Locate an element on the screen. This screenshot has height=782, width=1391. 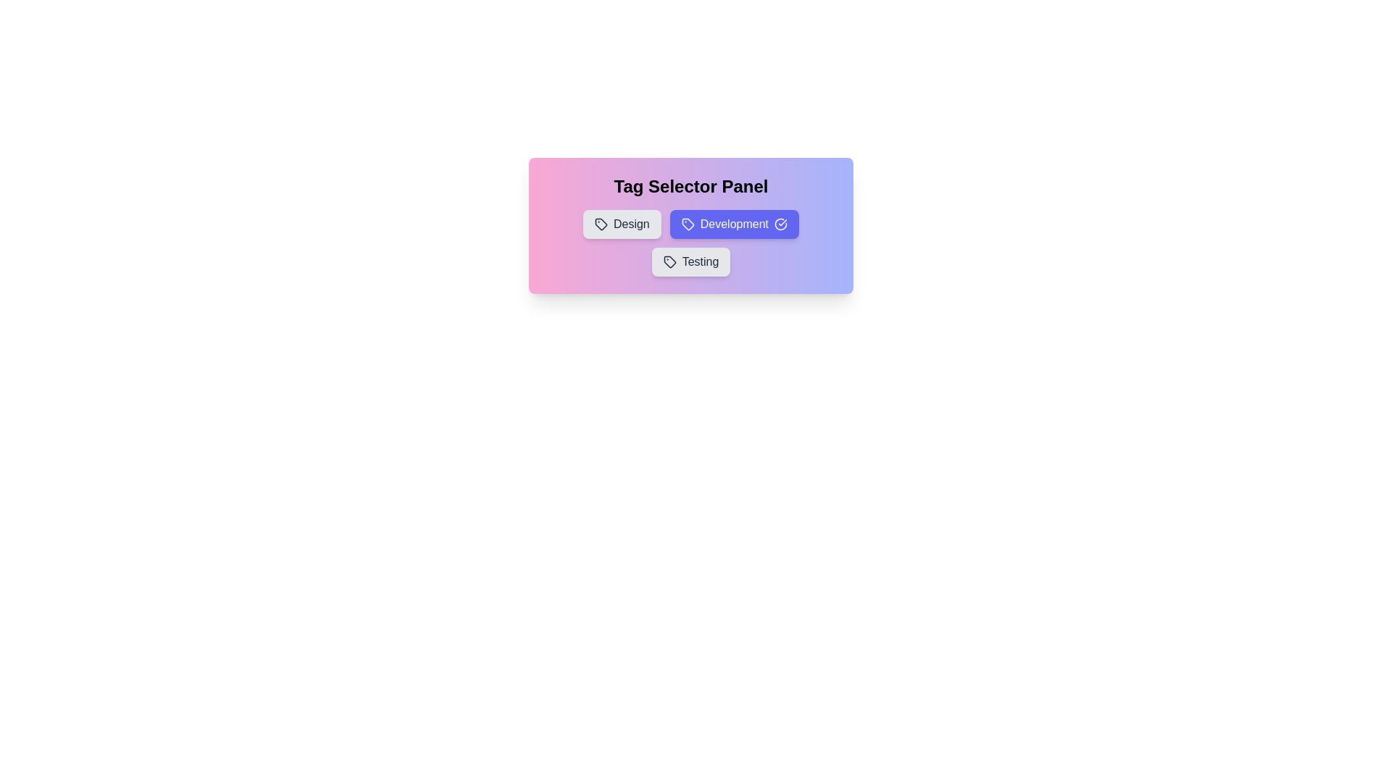
the tag Development to observe the hover effect is located at coordinates (734, 224).